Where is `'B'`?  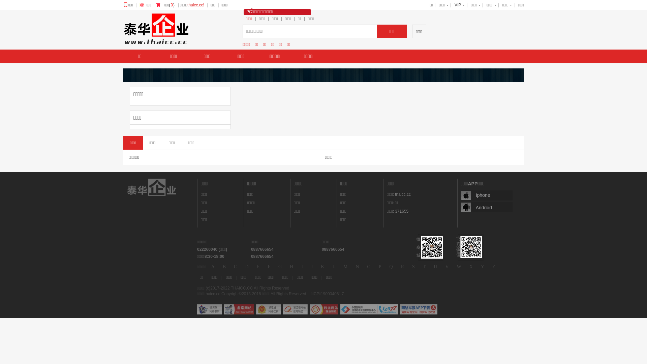 'B' is located at coordinates (224, 266).